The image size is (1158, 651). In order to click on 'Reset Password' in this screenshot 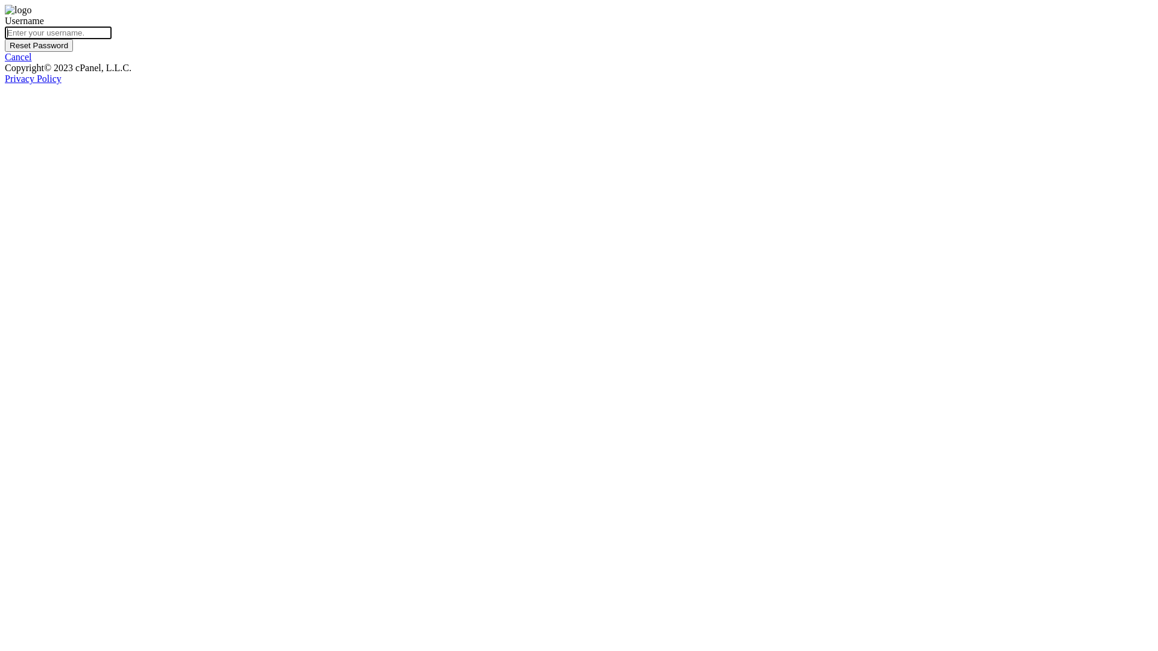, I will do `click(5, 45)`.